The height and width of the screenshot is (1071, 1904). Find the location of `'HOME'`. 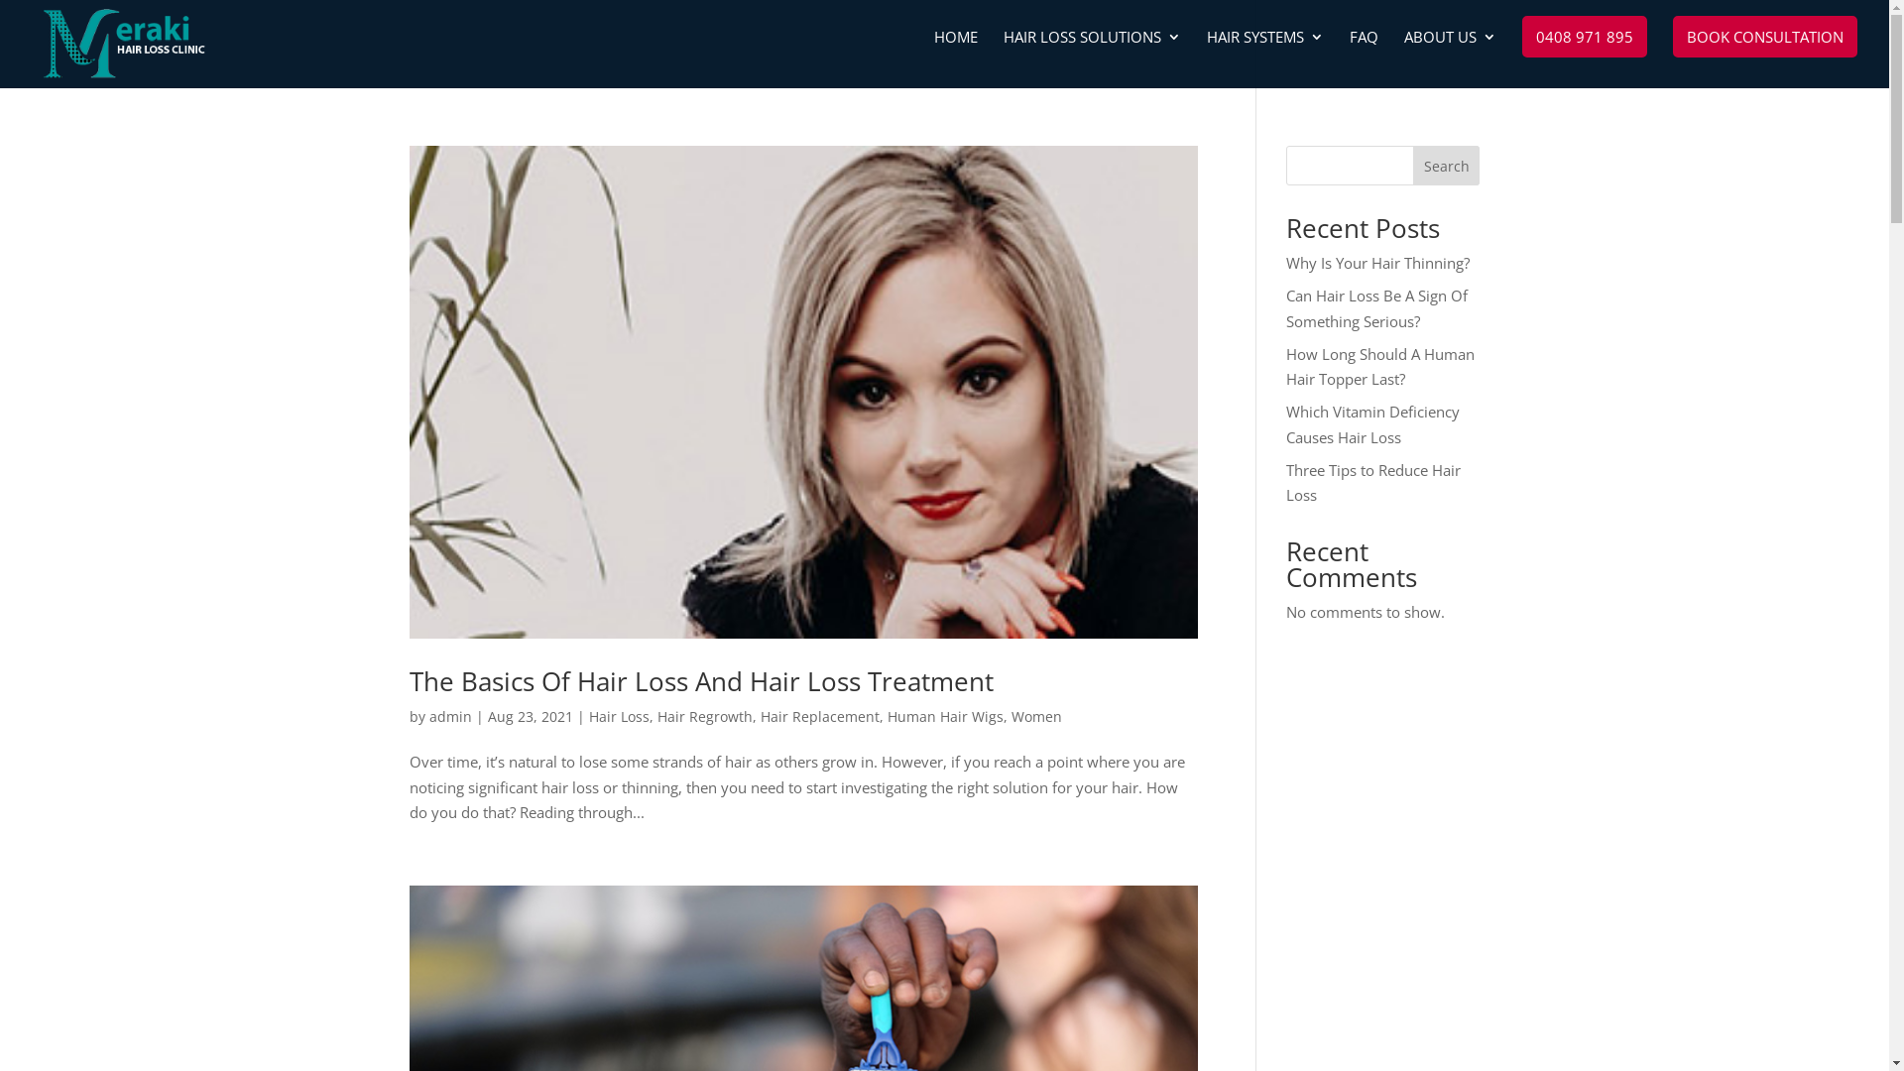

'HOME' is located at coordinates (956, 58).